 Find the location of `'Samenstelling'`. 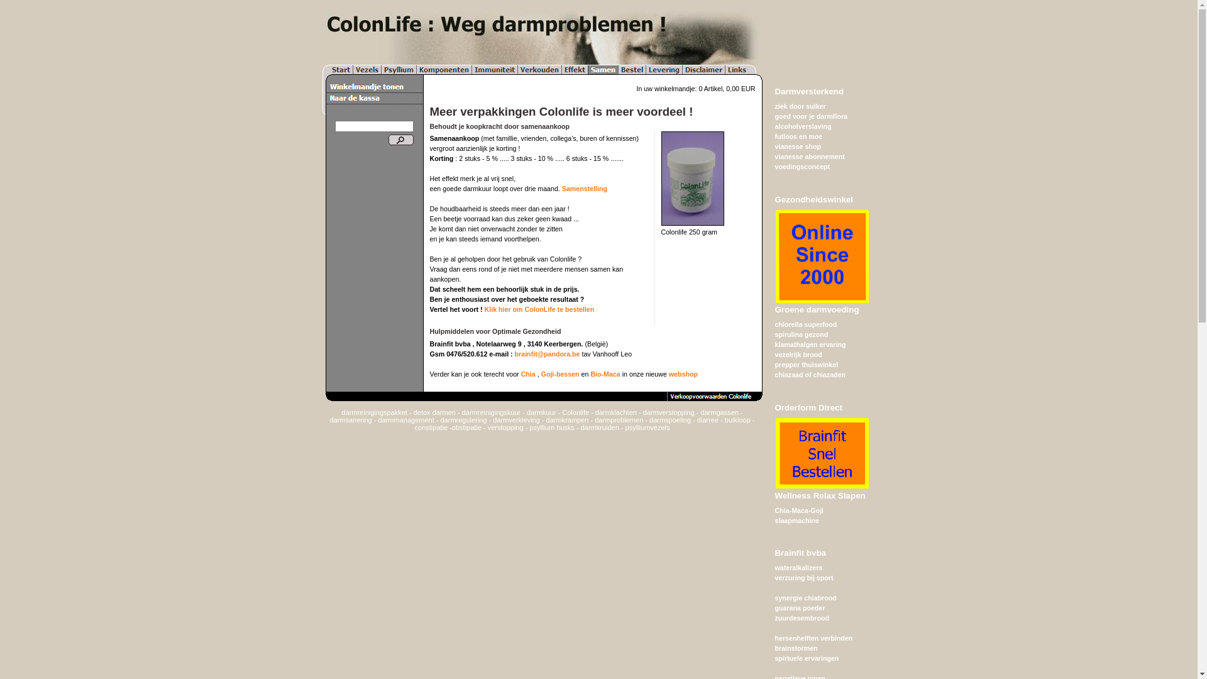

'Samenstelling' is located at coordinates (561, 189).